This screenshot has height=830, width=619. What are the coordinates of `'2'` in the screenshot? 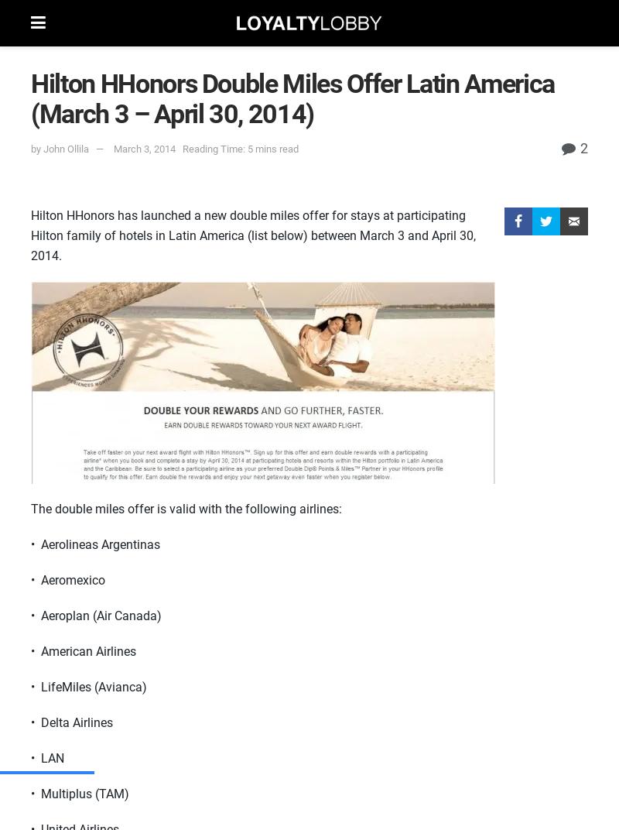 It's located at (582, 146).